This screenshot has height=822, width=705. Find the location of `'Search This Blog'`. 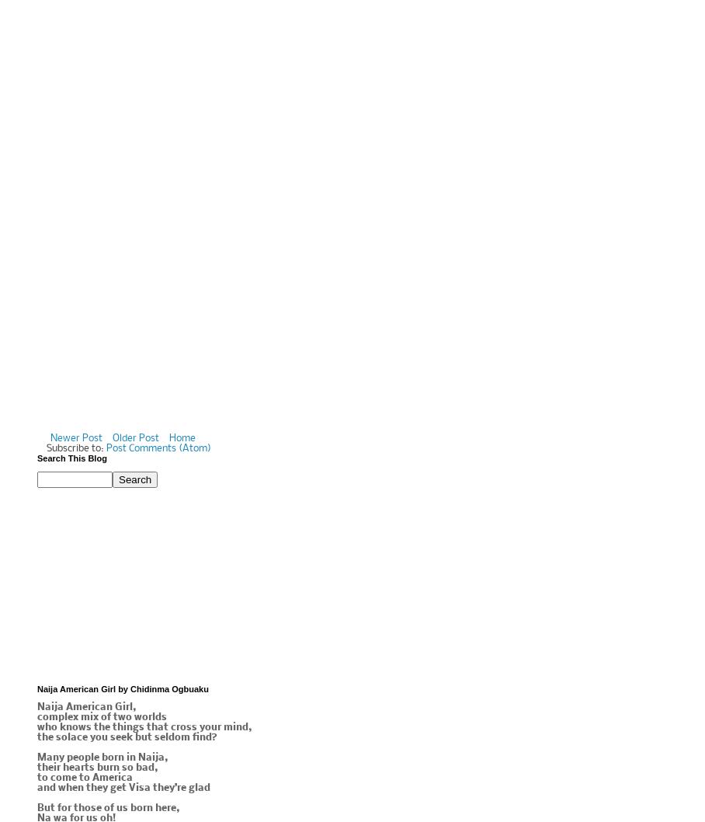

'Search This Blog' is located at coordinates (71, 458).